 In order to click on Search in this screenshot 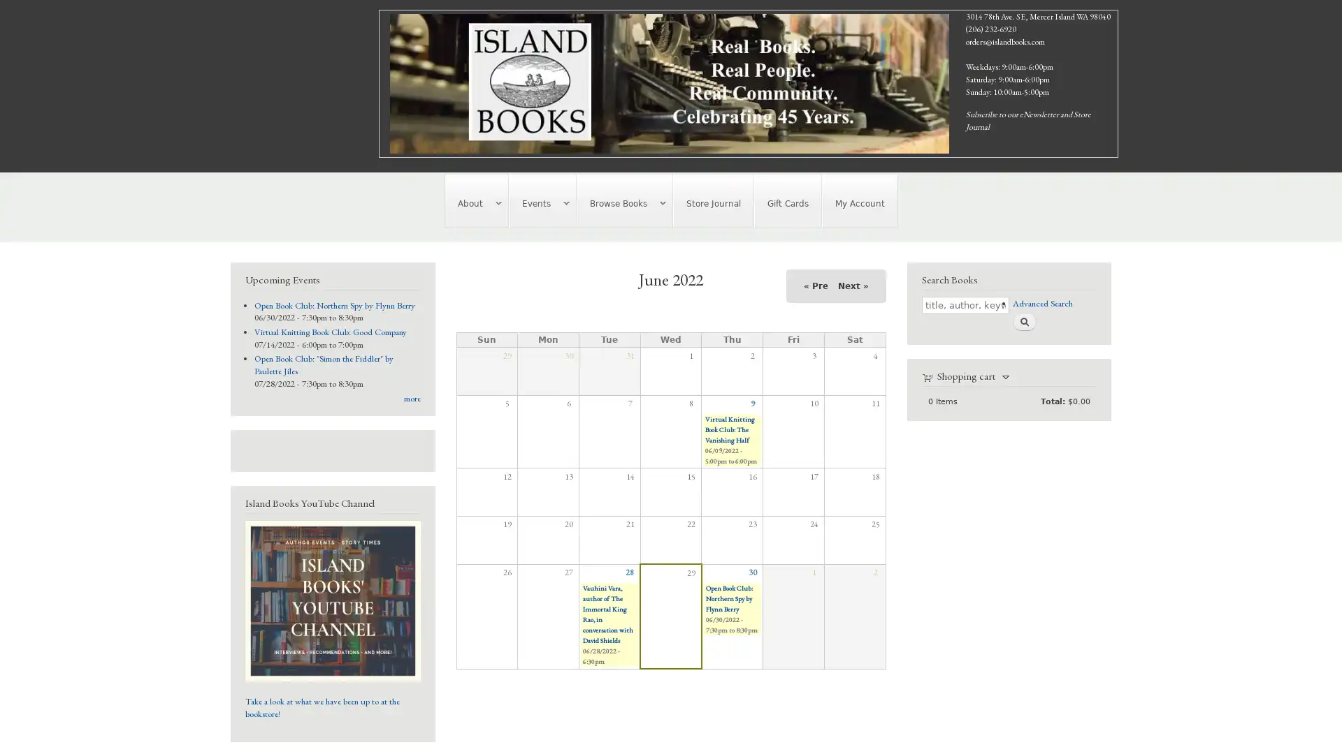, I will do `click(1023, 322)`.